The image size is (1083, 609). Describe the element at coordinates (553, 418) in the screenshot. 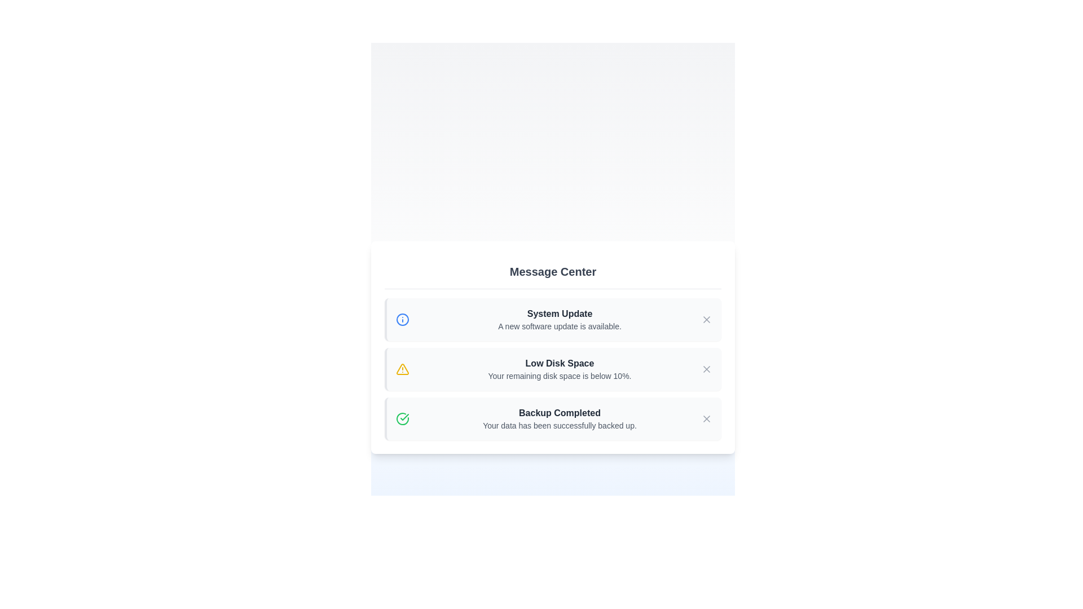

I see `information displayed on the Notification Card that informs the user about the successful completion of a data backup process, which is the third item in the Message Center` at that location.